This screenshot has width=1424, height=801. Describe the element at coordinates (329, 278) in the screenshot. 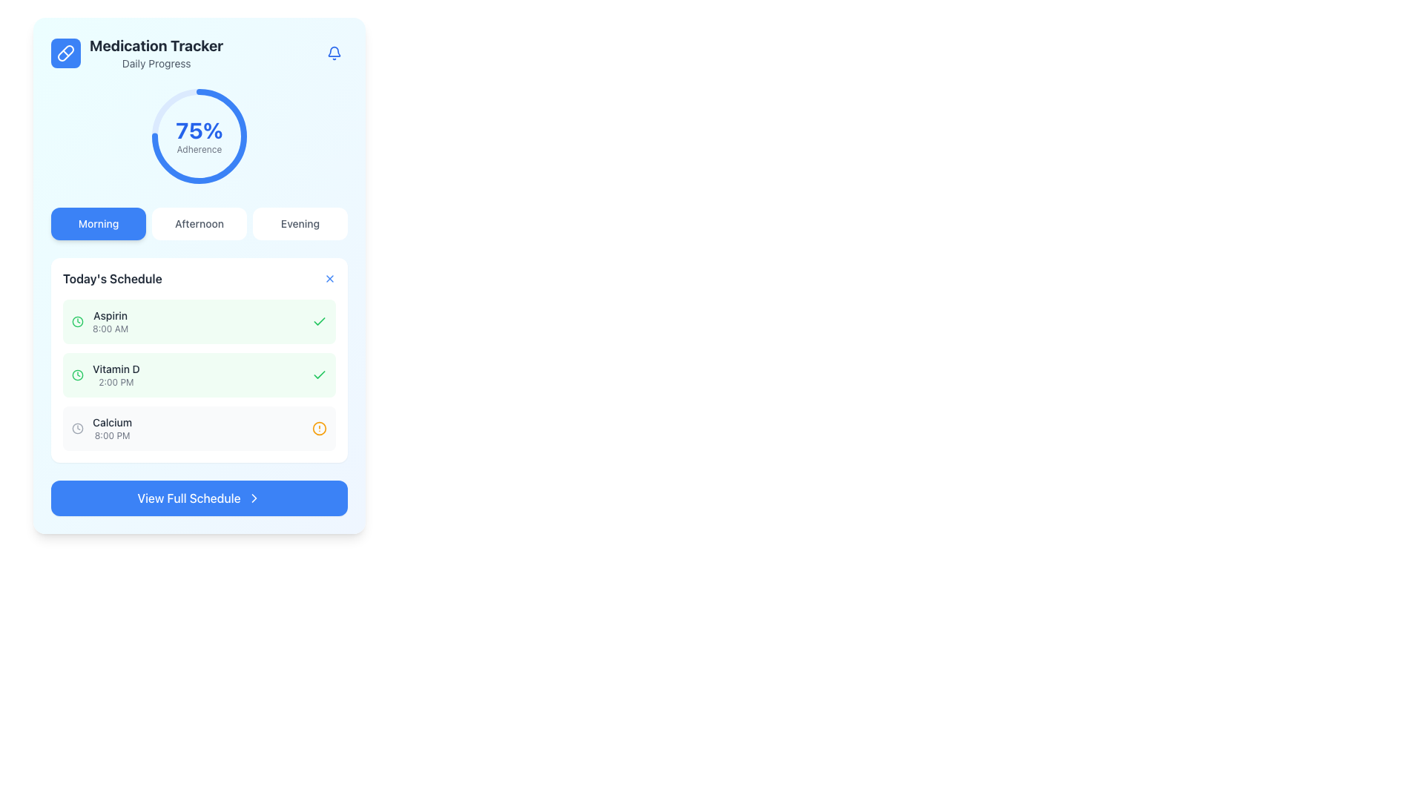

I see `the close button represented by a blue 'x' symbol located at the top right corner of the 'Today's Schedule' heading` at that location.